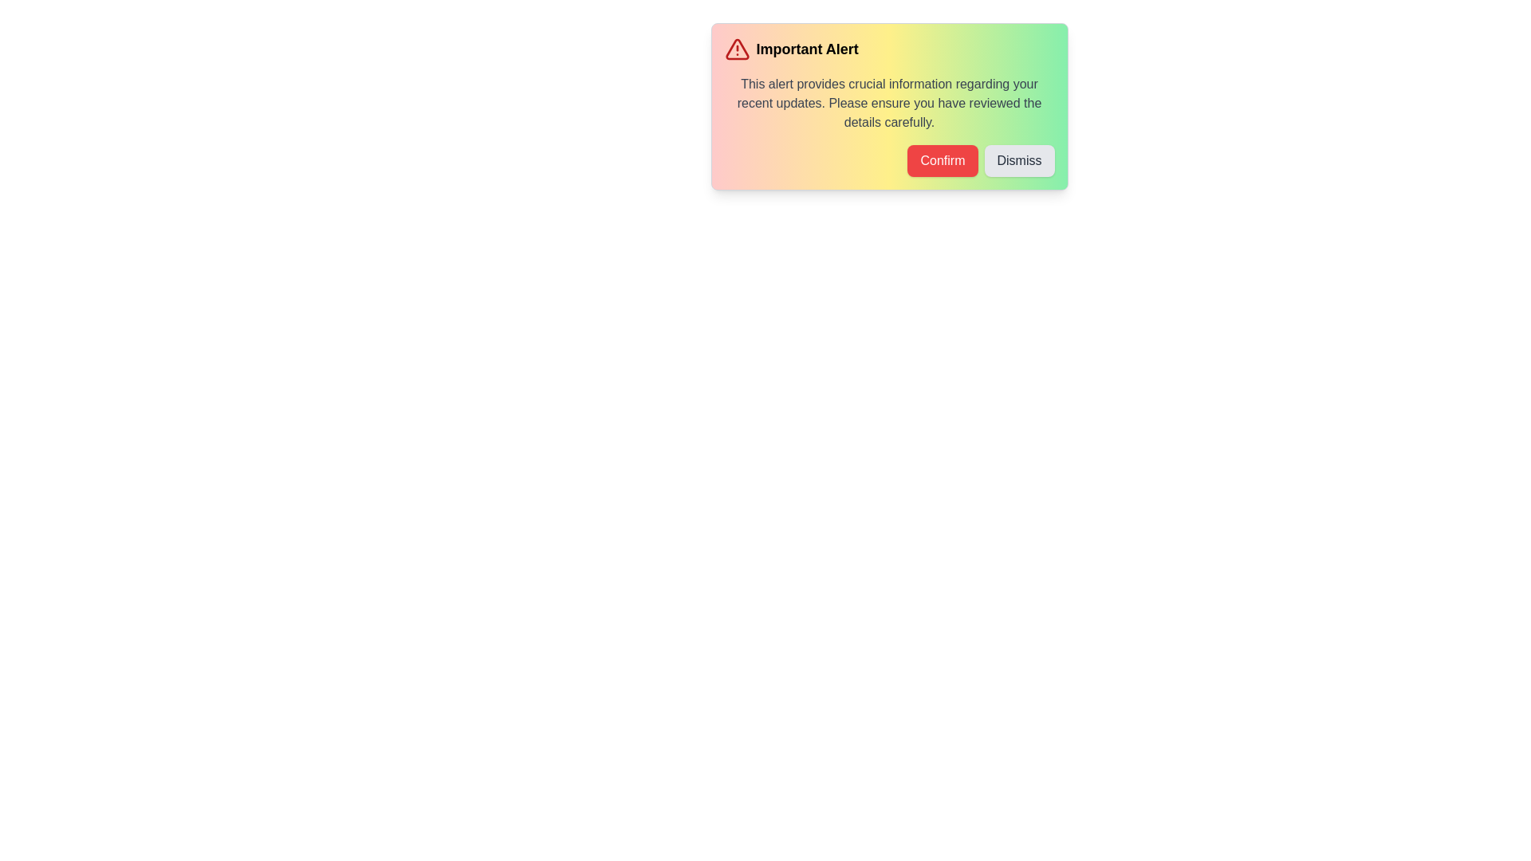  Describe the element at coordinates (943, 160) in the screenshot. I see `the red rectangular 'Confirm' button with rounded corners` at that location.